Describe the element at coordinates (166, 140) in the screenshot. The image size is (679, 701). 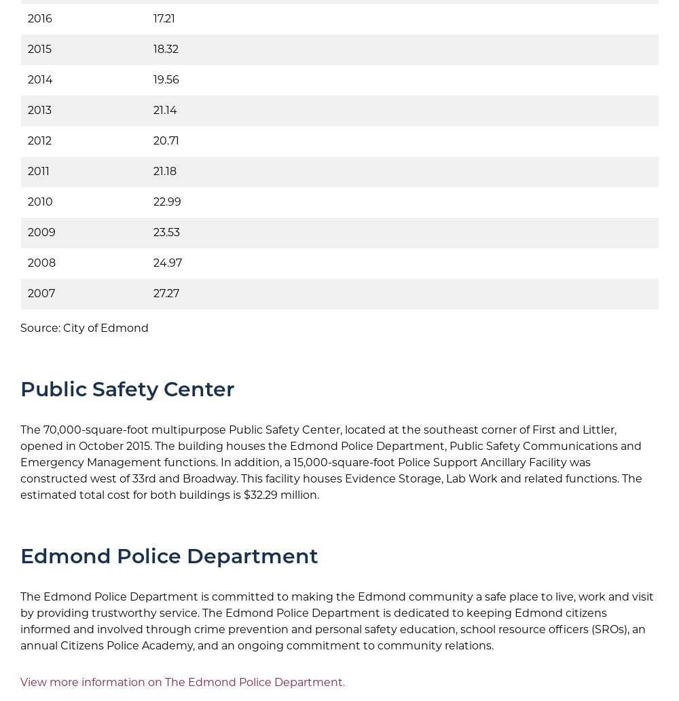
I see `'20.71'` at that location.